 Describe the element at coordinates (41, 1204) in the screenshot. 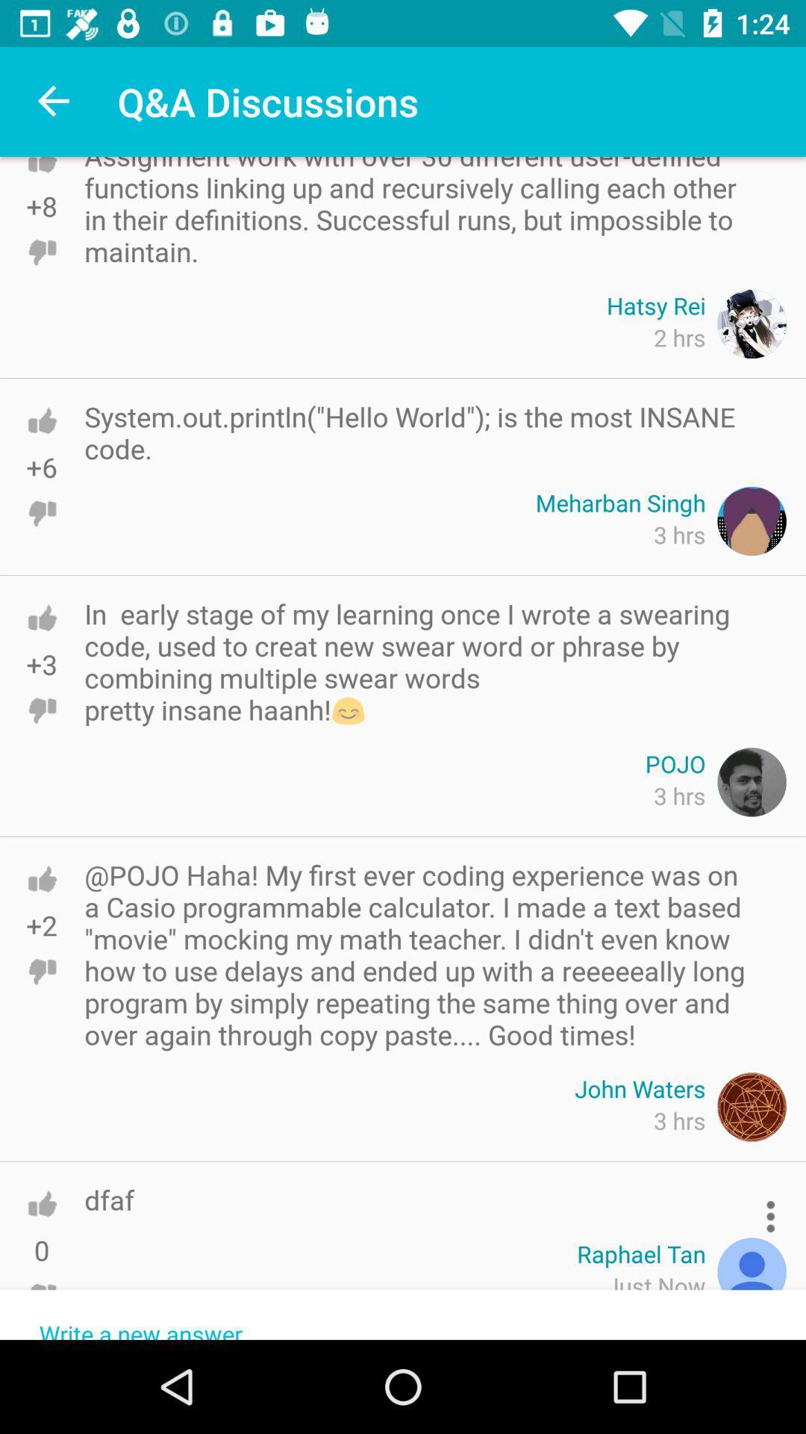

I see `upvote the comment` at that location.